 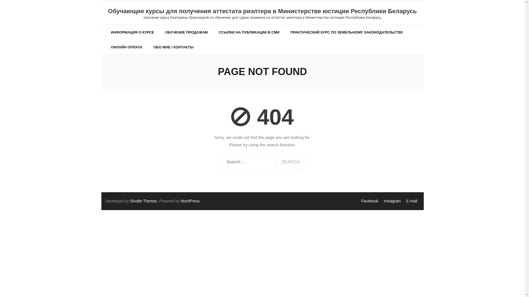 What do you see at coordinates (190, 201) in the screenshot?
I see `'WordPress'` at bounding box center [190, 201].